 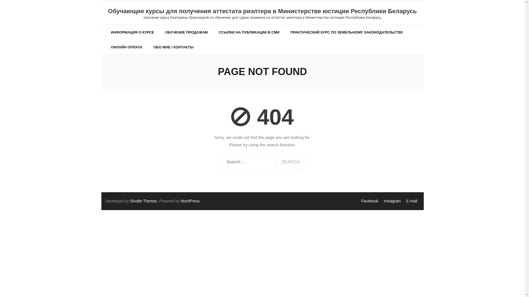 What do you see at coordinates (190, 201) in the screenshot?
I see `'WordPress'` at bounding box center [190, 201].